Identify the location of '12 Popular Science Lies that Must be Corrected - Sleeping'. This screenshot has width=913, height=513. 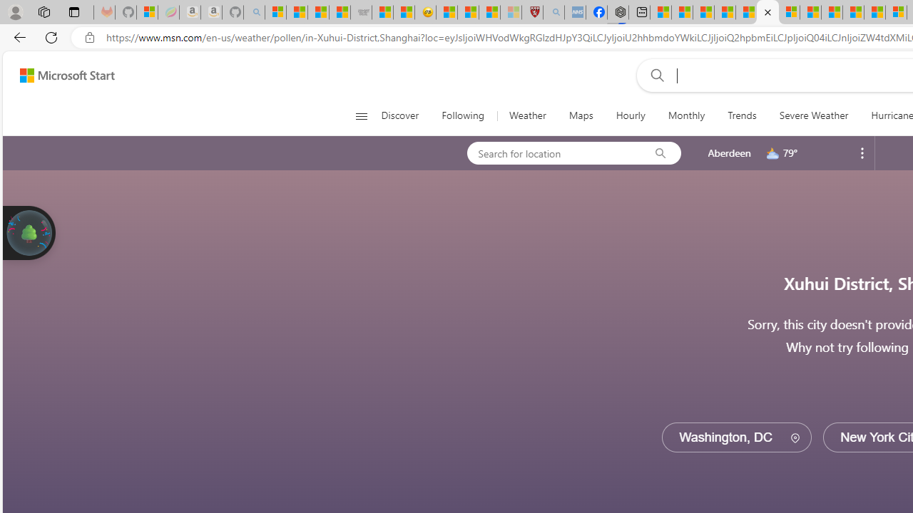
(511, 12).